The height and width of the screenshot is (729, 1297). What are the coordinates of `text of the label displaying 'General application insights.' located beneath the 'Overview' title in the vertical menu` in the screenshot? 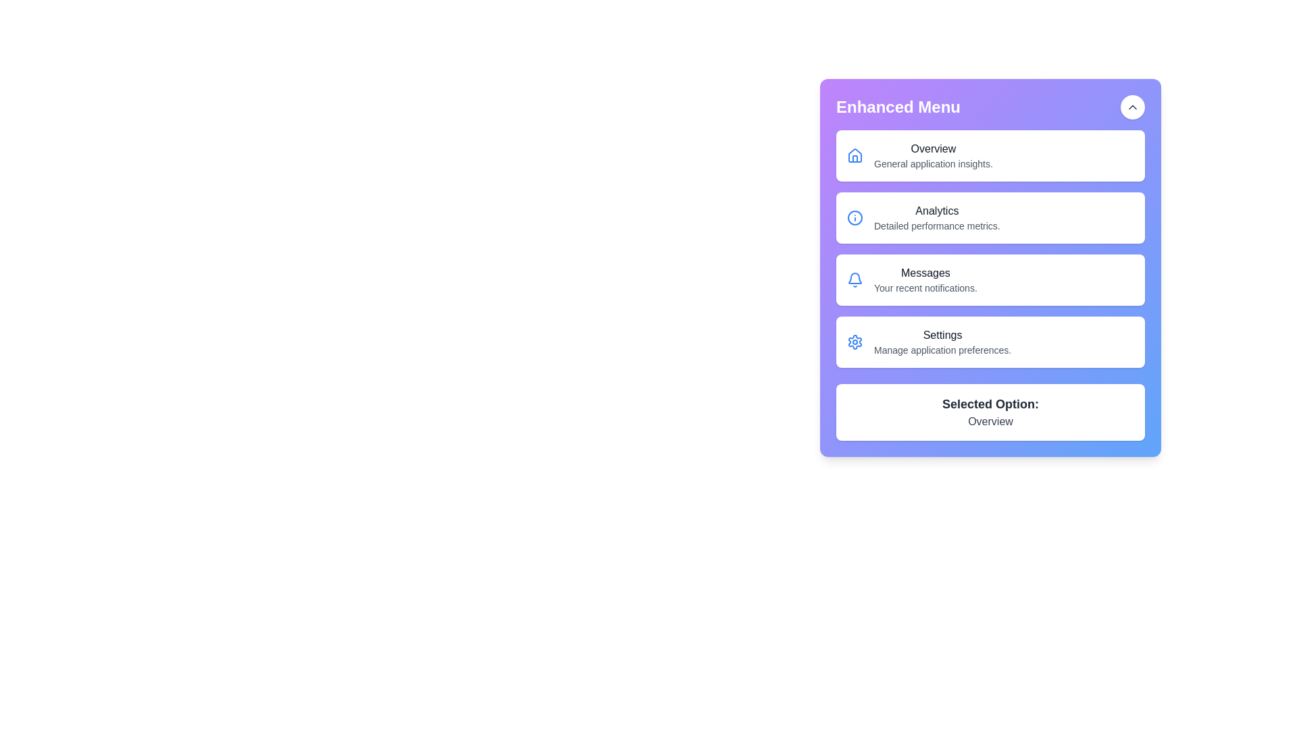 It's located at (933, 163).